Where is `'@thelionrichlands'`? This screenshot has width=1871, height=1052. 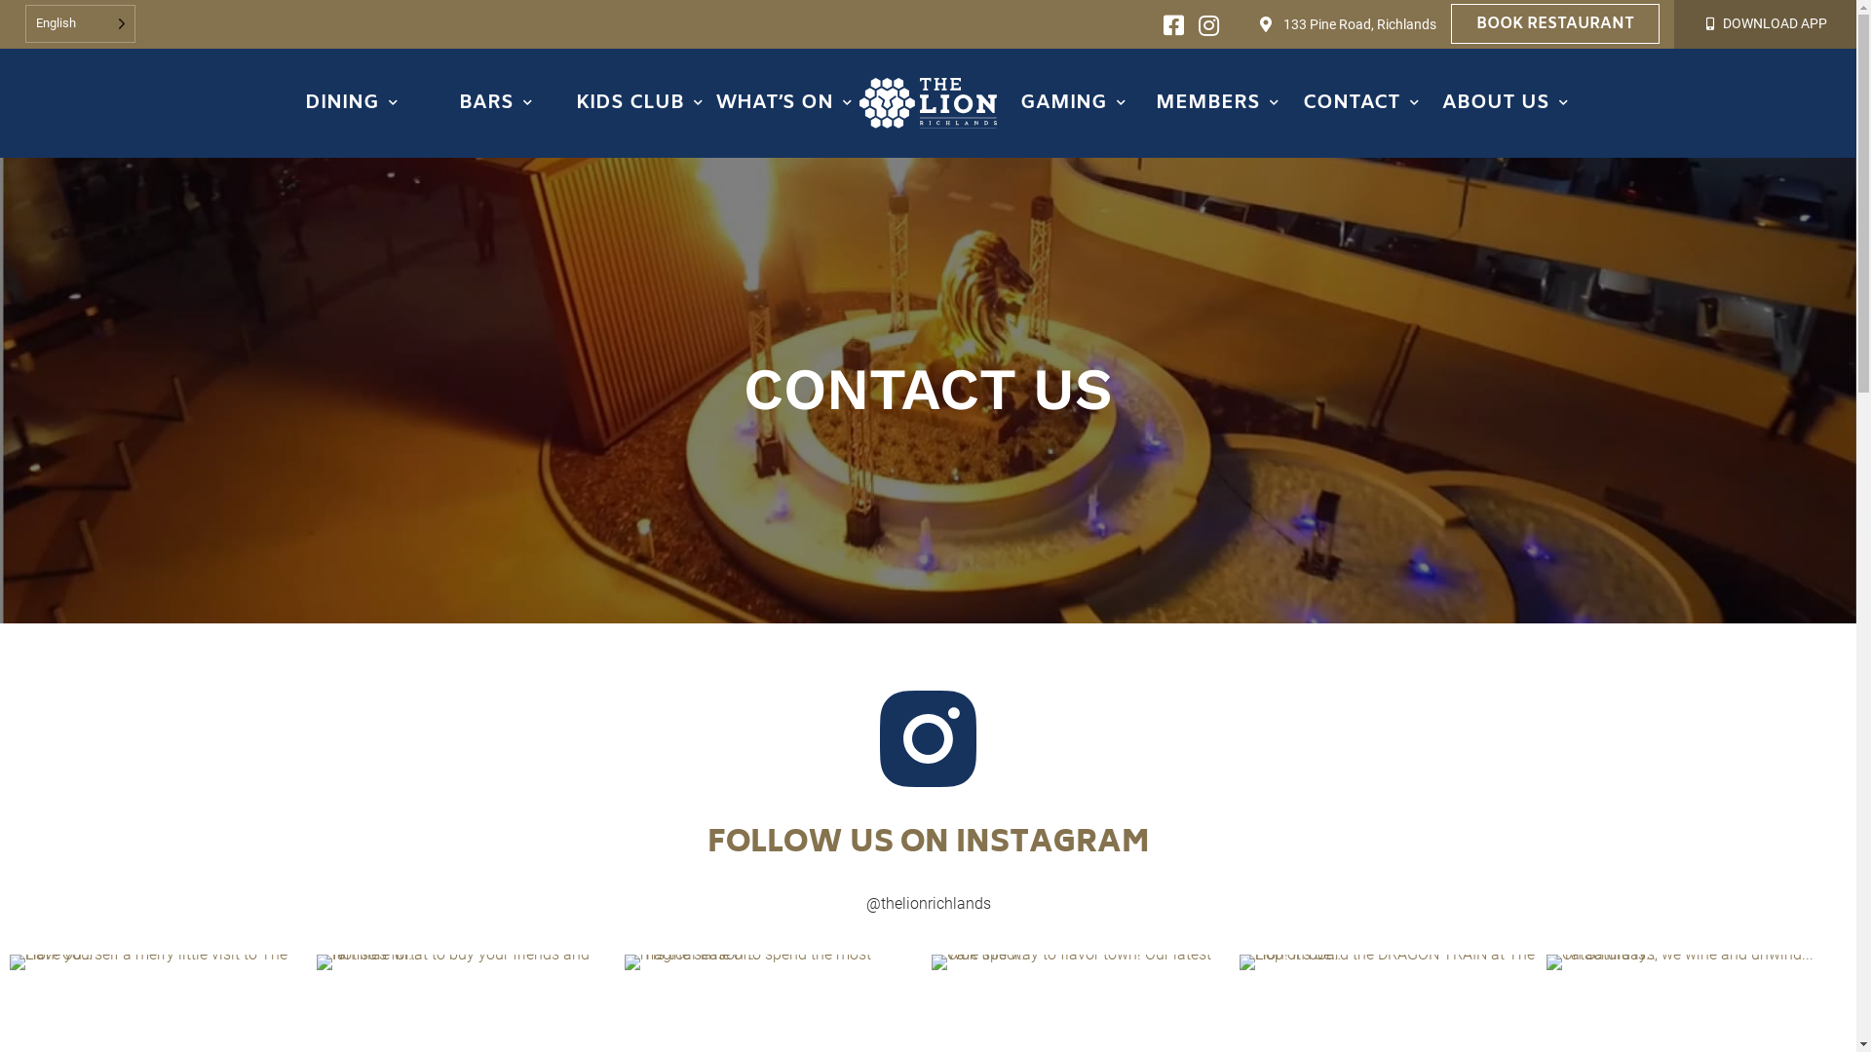
'@thelionrichlands' is located at coordinates (926, 903).